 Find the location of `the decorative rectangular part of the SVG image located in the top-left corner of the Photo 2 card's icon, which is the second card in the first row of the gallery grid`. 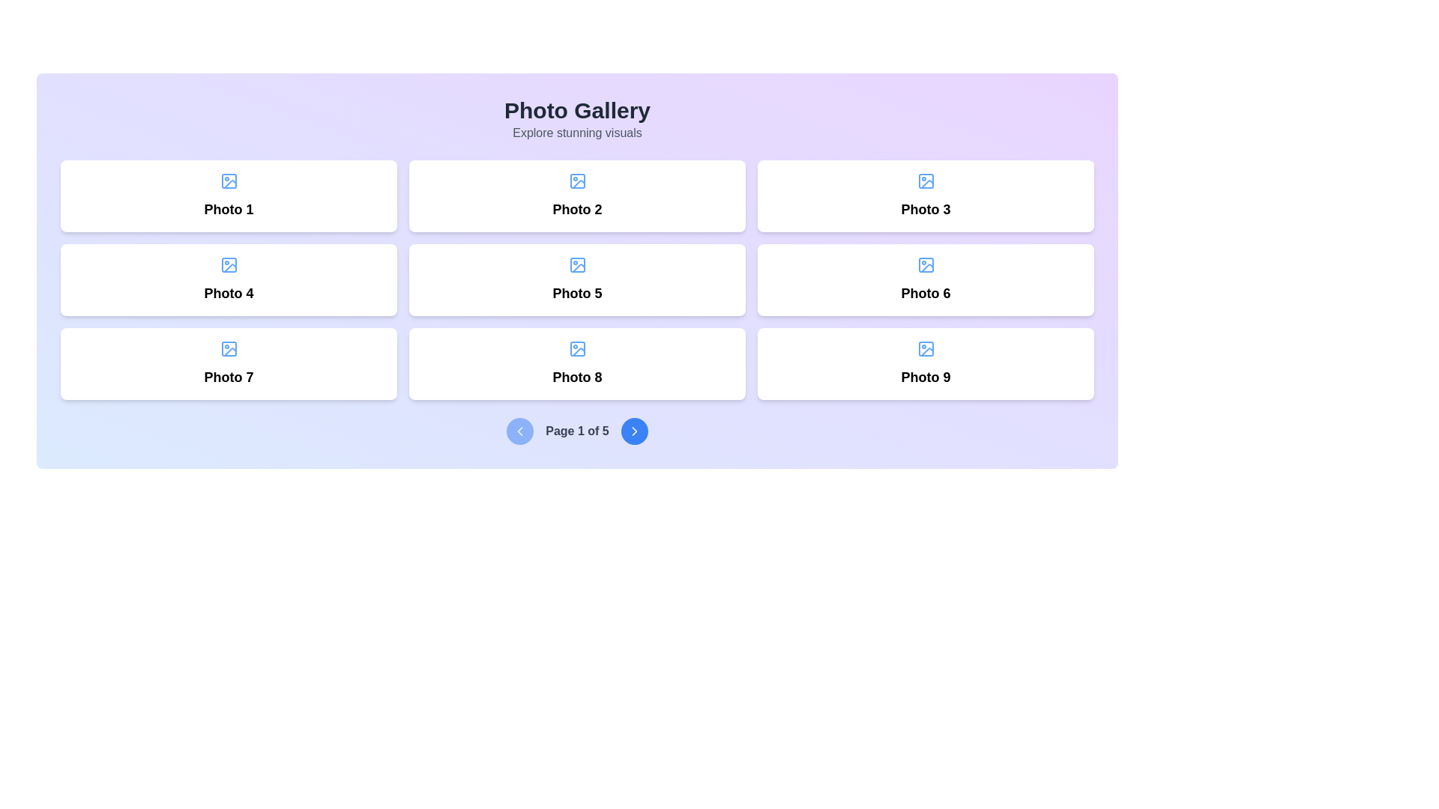

the decorative rectangular part of the SVG image located in the top-left corner of the Photo 2 card's icon, which is the second card in the first row of the gallery grid is located at coordinates (576, 181).